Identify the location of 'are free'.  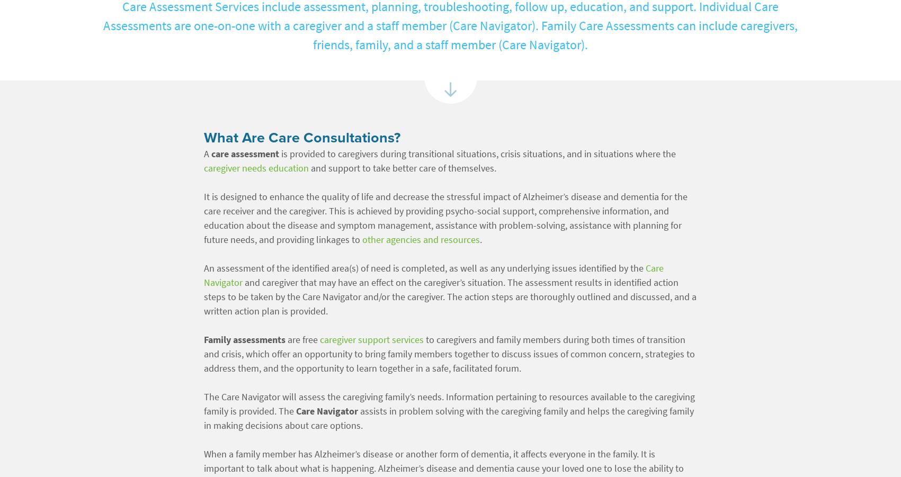
(302, 339).